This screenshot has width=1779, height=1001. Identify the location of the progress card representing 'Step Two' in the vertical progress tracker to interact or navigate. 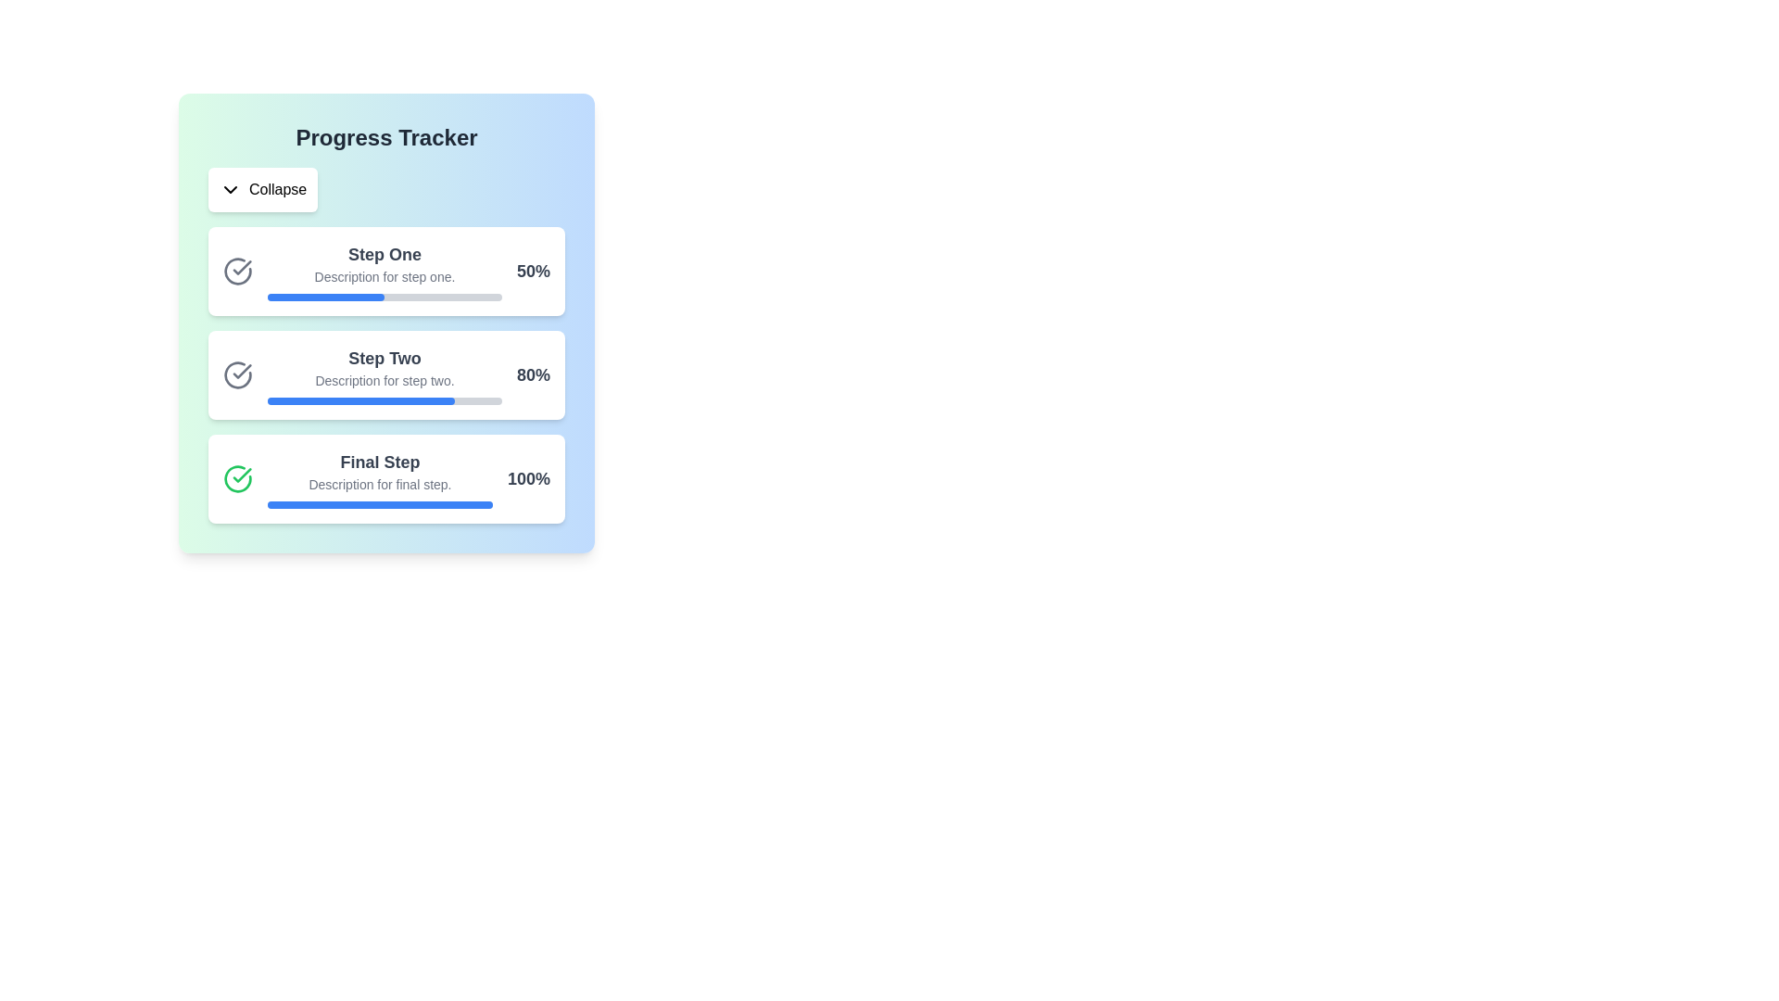
(385, 375).